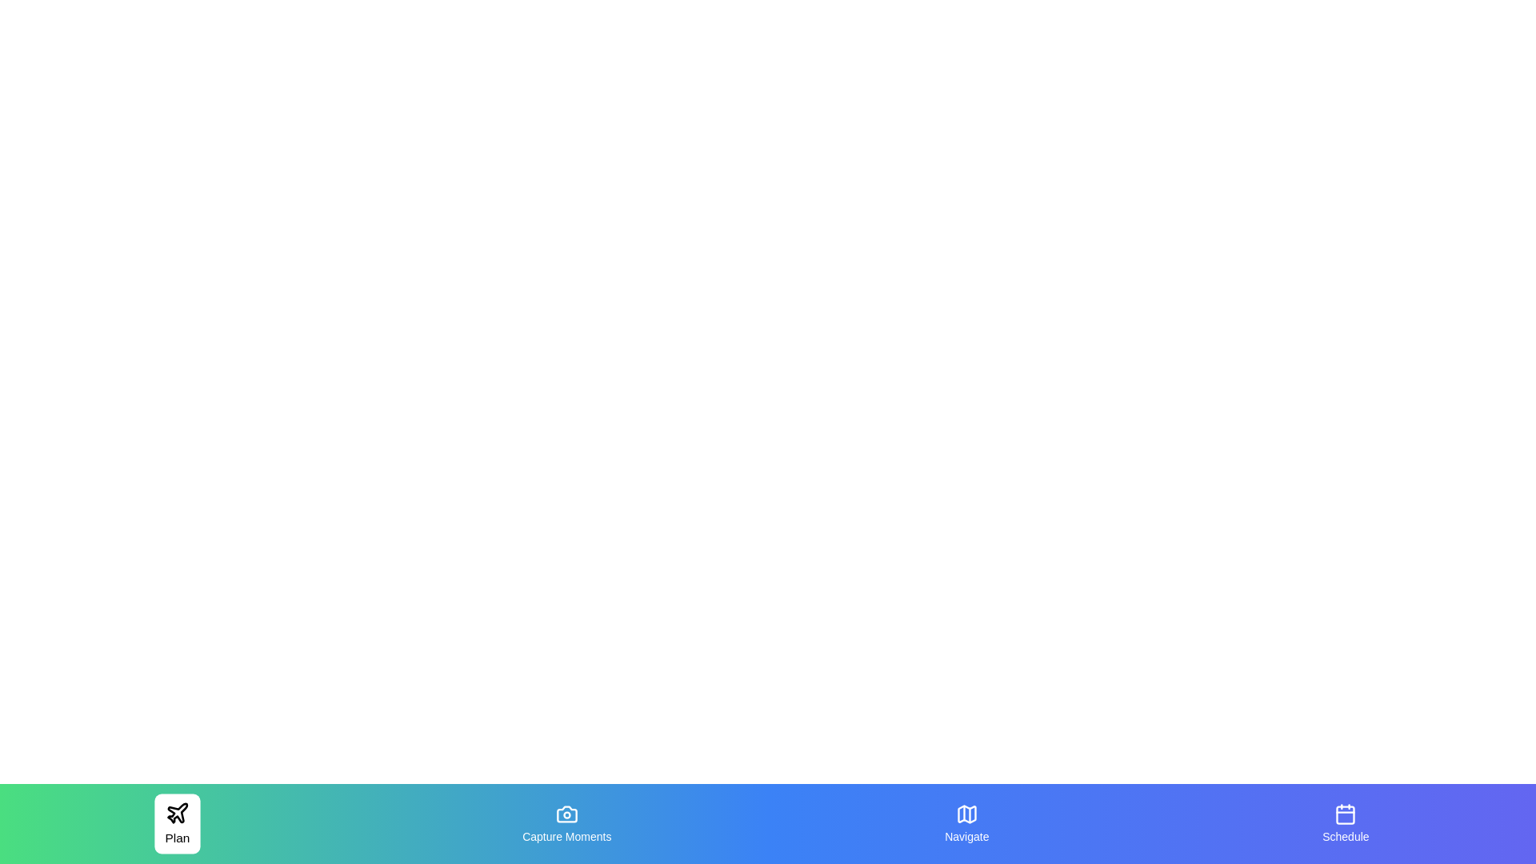 This screenshot has width=1536, height=864. What do you see at coordinates (1345, 814) in the screenshot?
I see `the icon associated with the tab Schedule` at bounding box center [1345, 814].